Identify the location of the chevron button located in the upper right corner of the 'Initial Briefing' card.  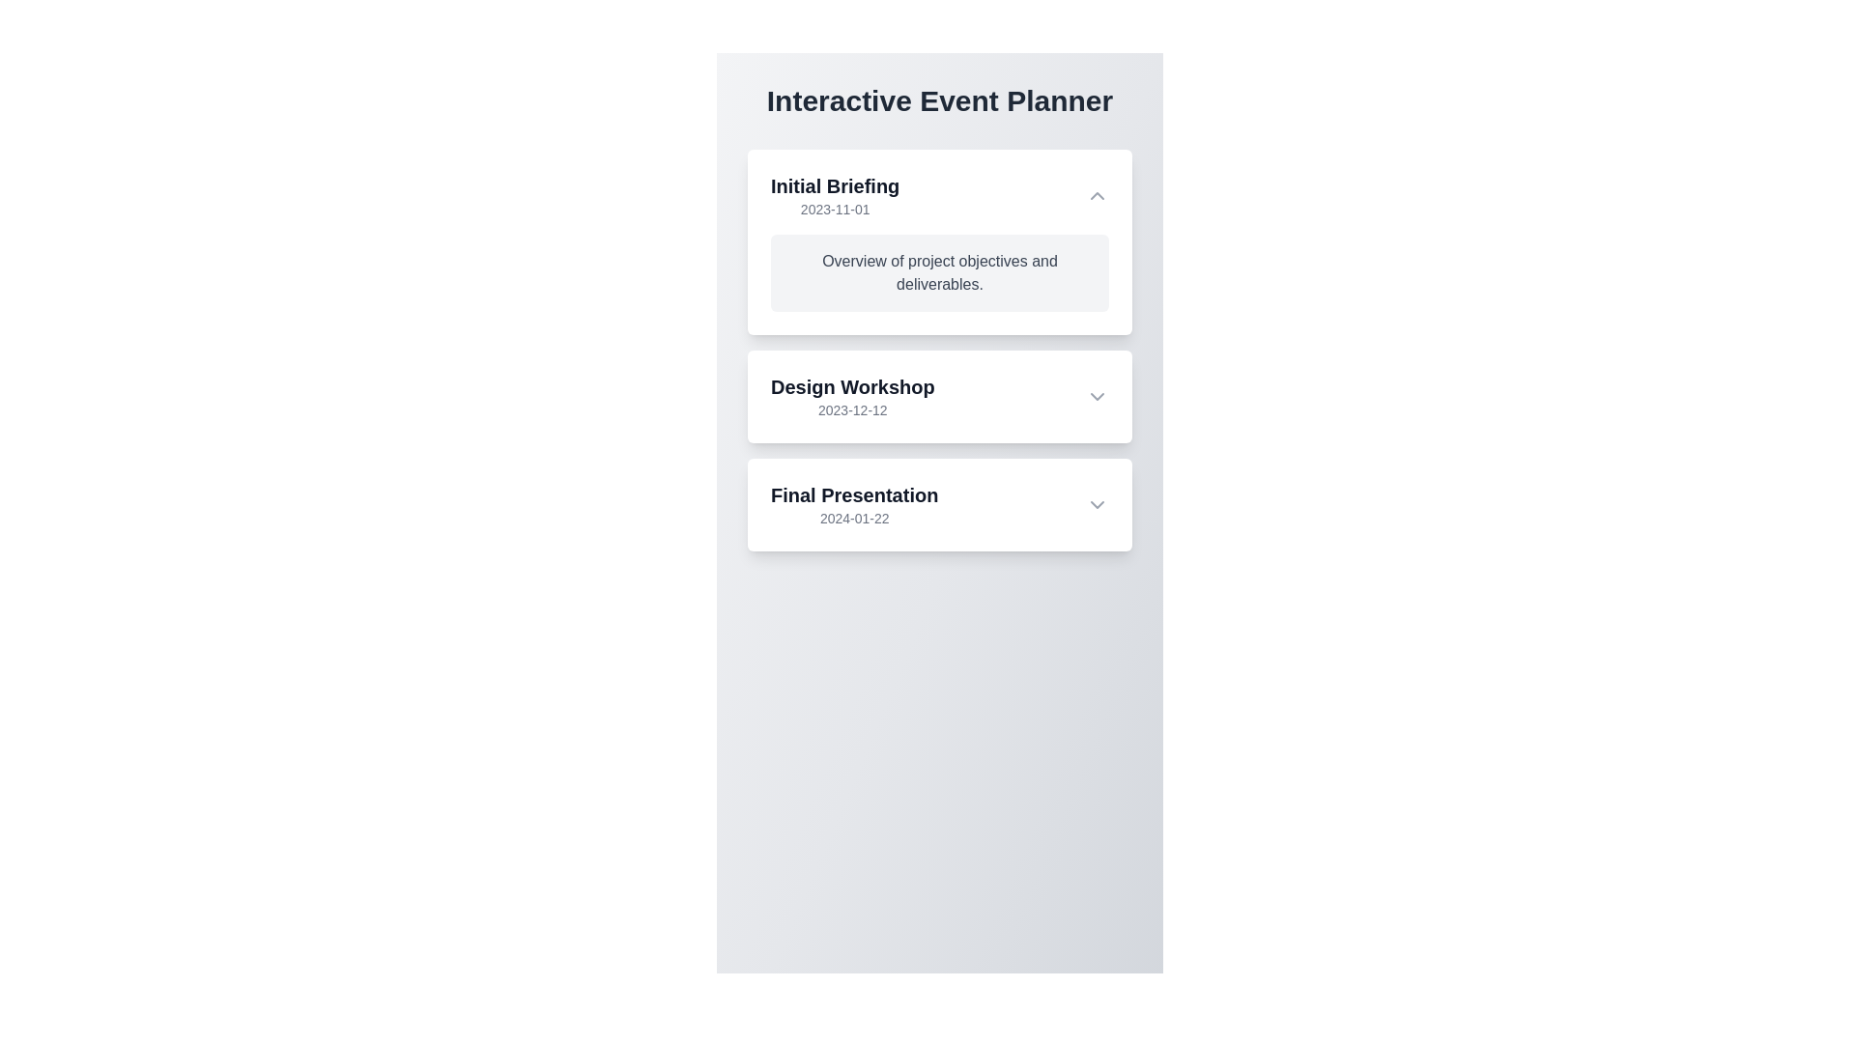
(1098, 196).